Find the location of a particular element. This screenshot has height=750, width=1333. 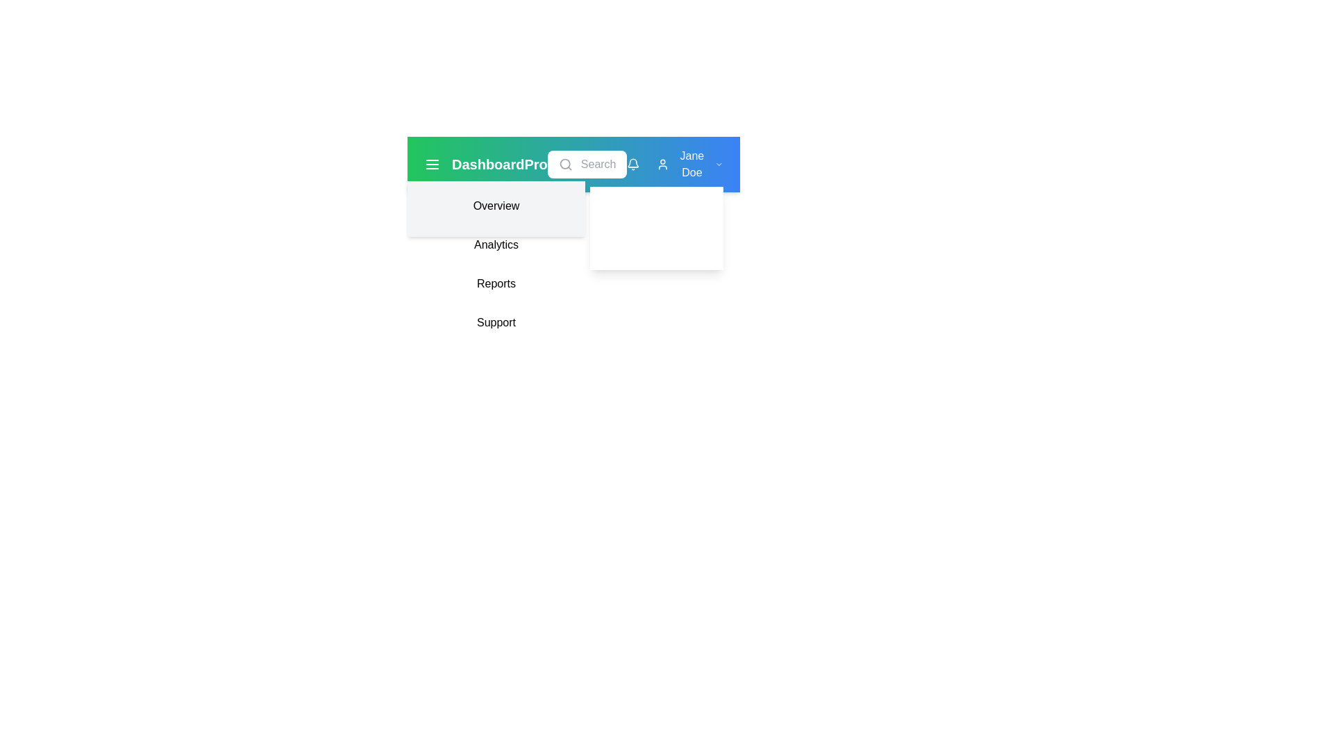

the 'Analytics' menu item located in the sidebar is located at coordinates (496, 265).